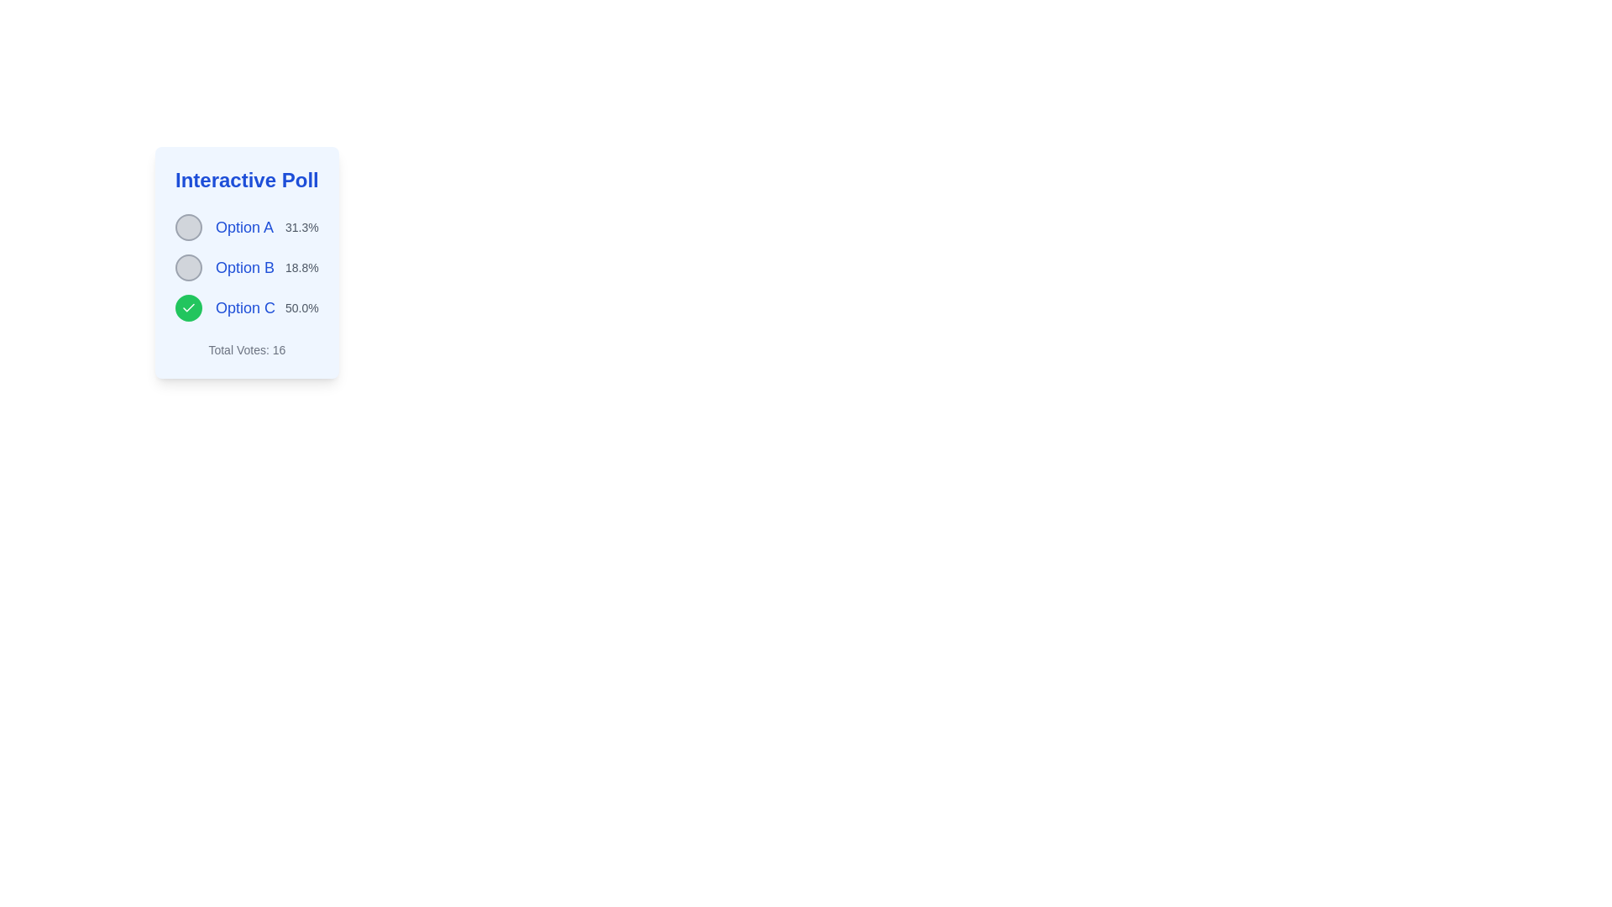  Describe the element at coordinates (246, 267) in the screenshot. I see `information displayed in the second Poll Option Display, which shows the option label and percentage of votes` at that location.